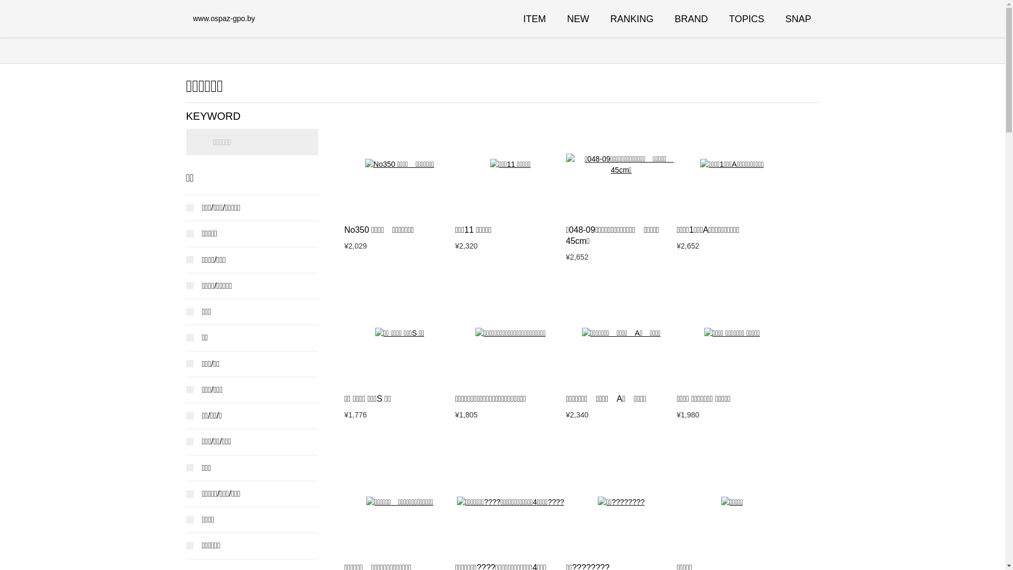 This screenshot has width=1013, height=570. Describe the element at coordinates (674, 18) in the screenshot. I see `'BRAND'` at that location.